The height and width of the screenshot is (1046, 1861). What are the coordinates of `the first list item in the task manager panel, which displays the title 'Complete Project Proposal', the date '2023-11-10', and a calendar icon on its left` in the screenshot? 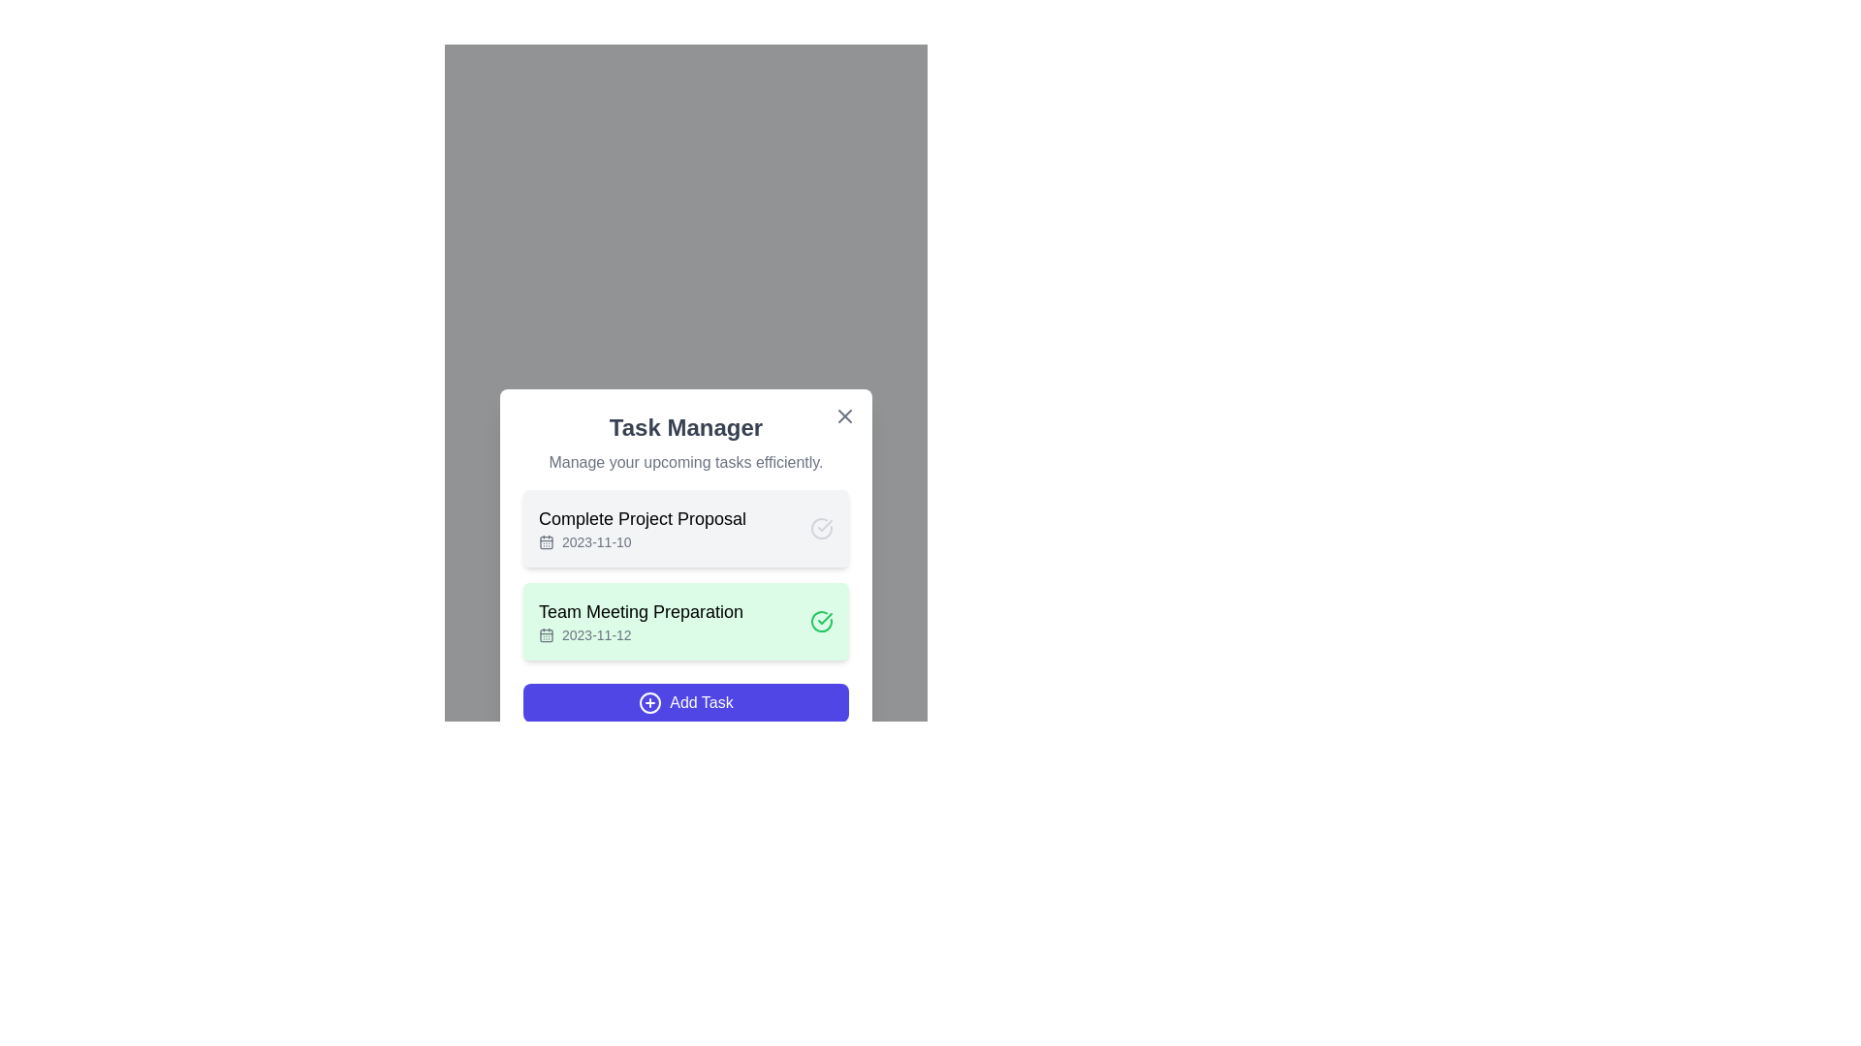 It's located at (642, 529).